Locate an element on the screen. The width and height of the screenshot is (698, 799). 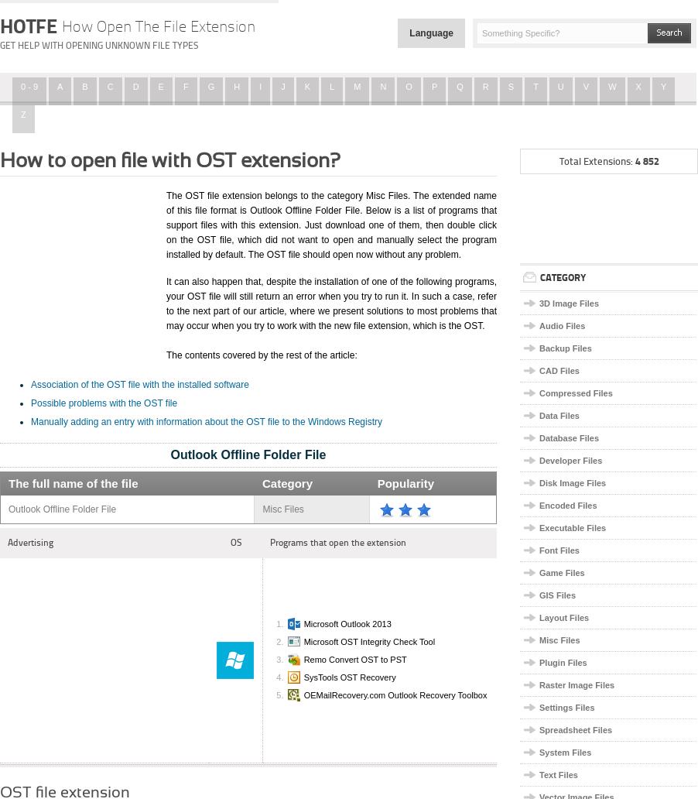
'Executable Files' is located at coordinates (539, 527).